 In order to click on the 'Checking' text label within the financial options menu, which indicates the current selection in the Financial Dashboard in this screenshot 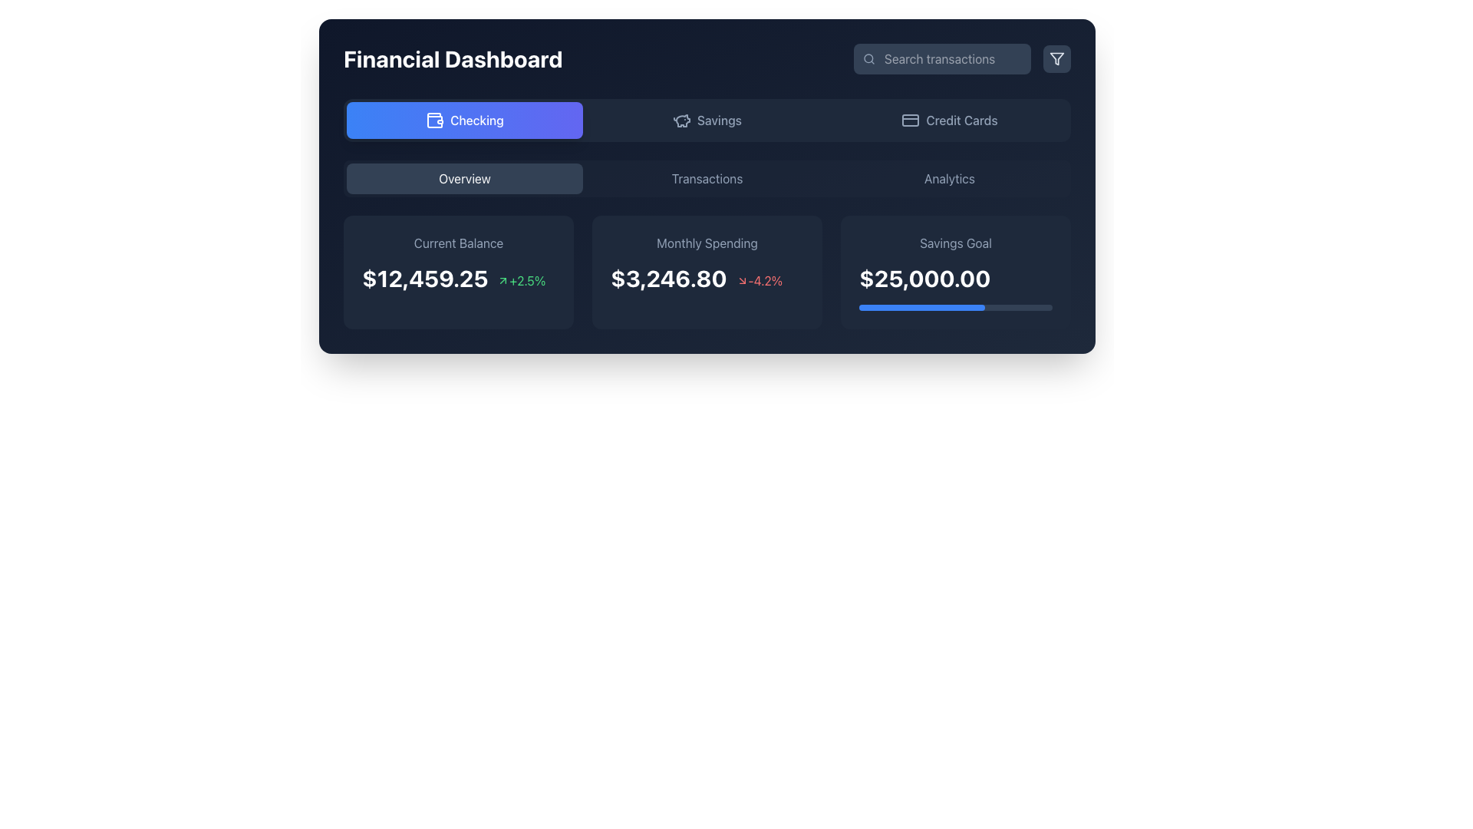, I will do `click(476, 120)`.